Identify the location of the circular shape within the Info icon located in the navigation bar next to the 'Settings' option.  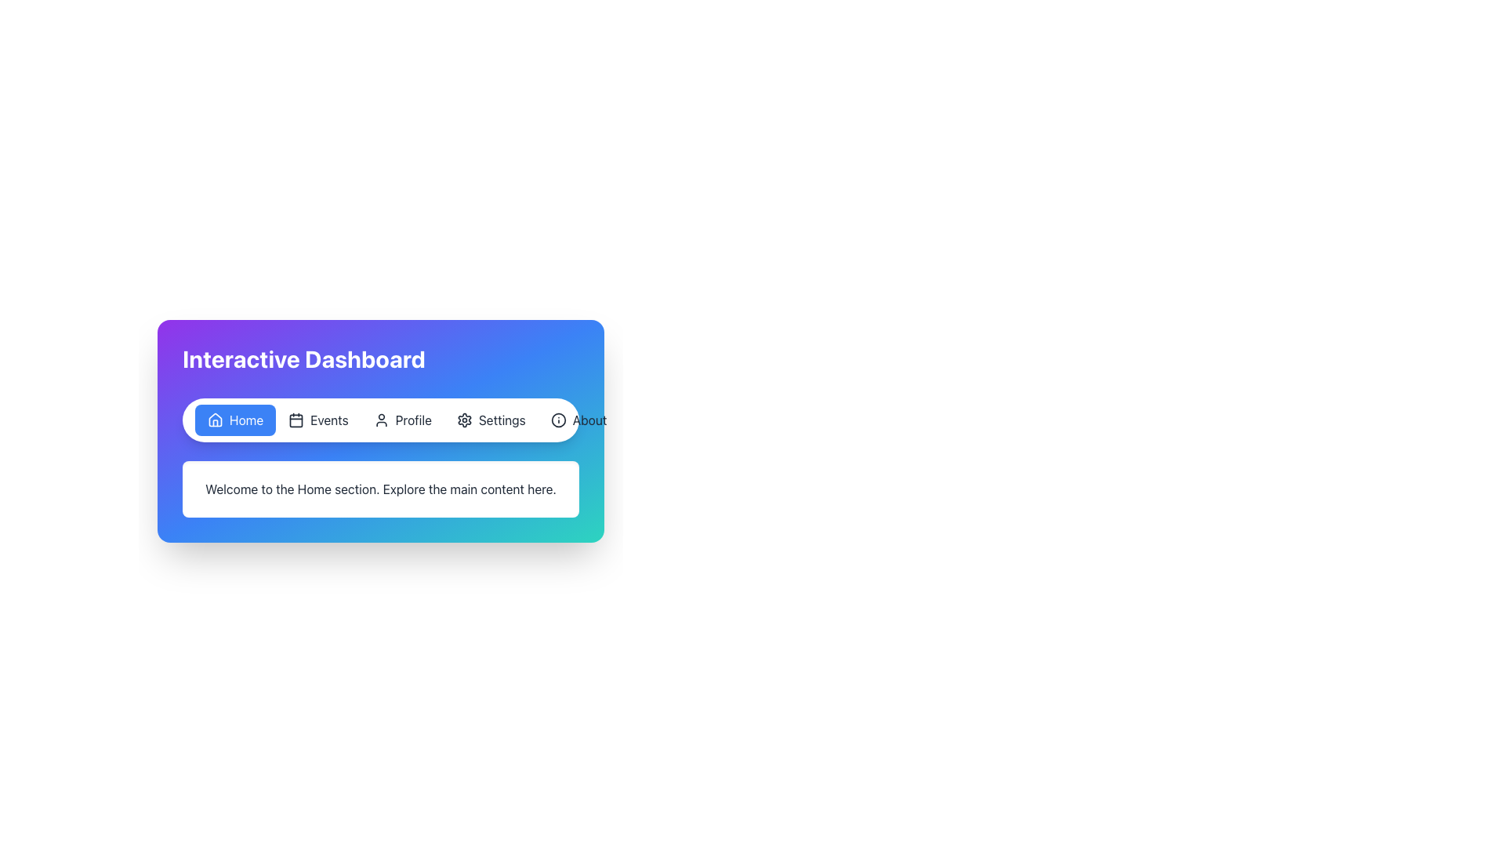
(558, 420).